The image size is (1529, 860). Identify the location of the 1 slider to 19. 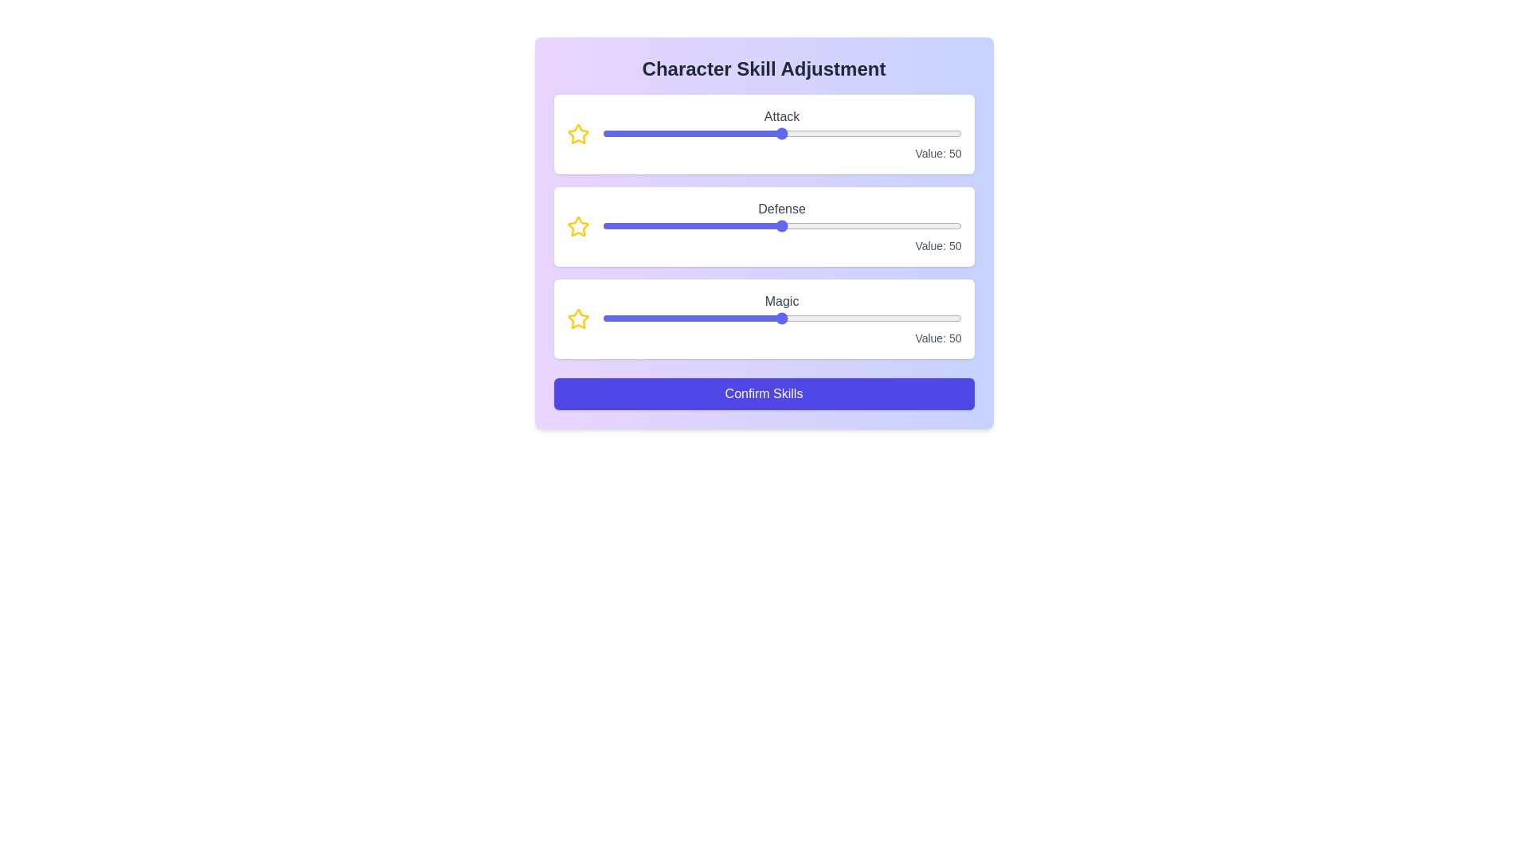
(815, 226).